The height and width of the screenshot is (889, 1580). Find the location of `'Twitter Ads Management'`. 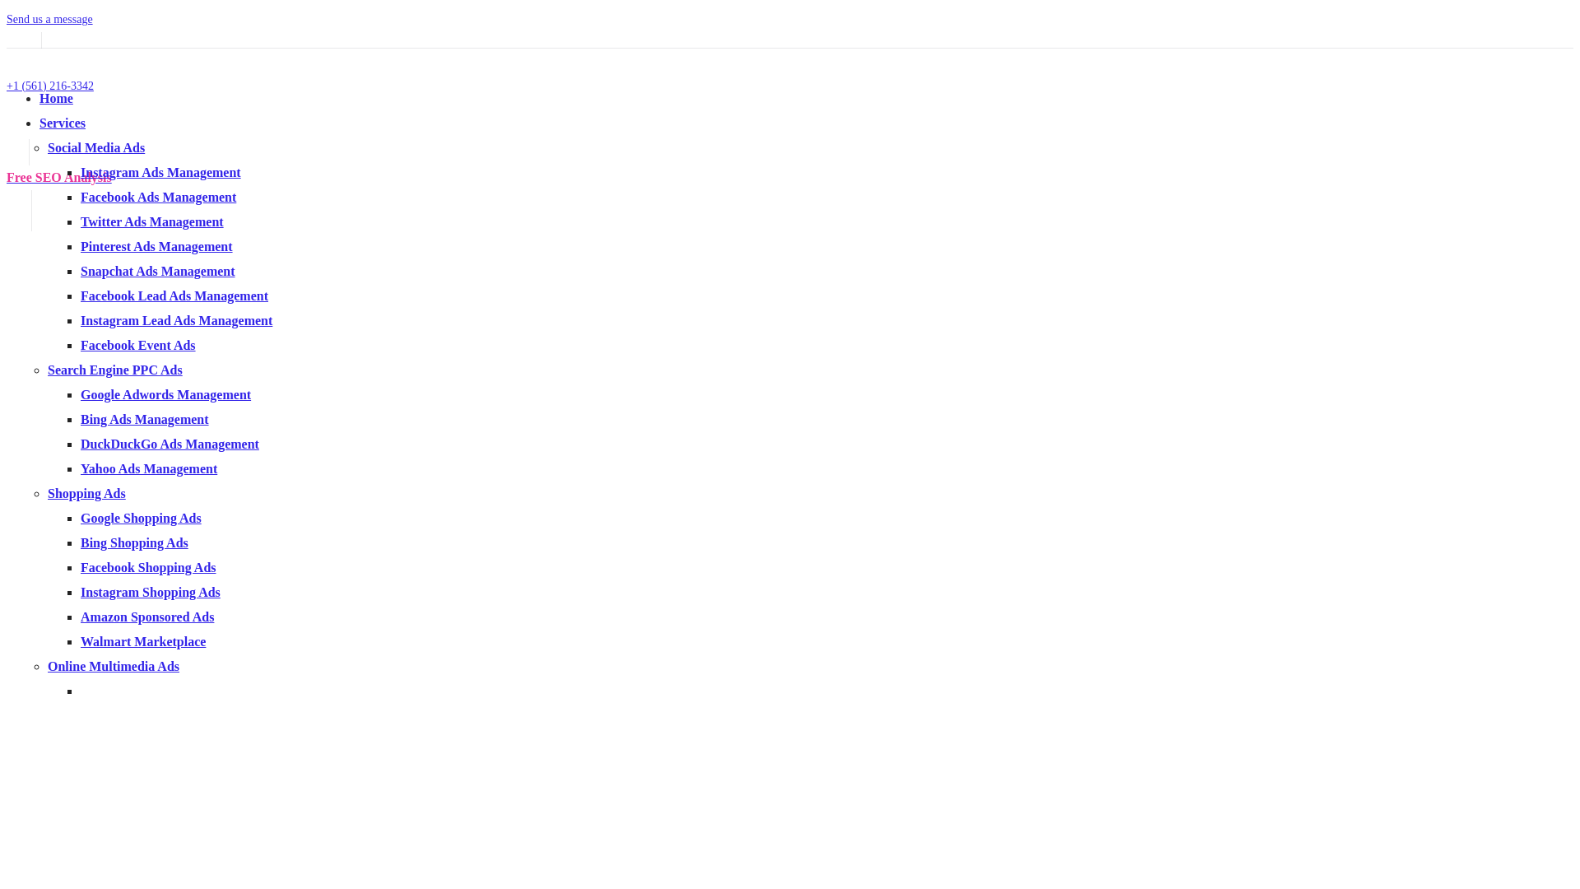

'Twitter Ads Management' is located at coordinates (152, 221).